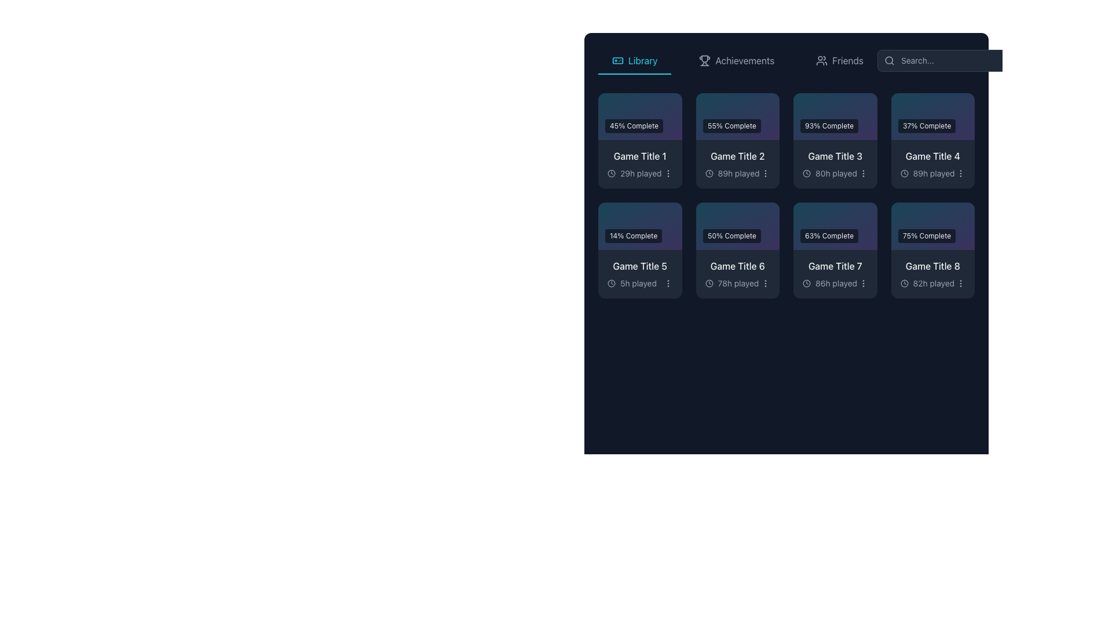 The width and height of the screenshot is (1112, 625). I want to click on the game controller icon, which visually represents the 'Library' navigation option and is located near the top-left corner of the interface, so click(617, 60).